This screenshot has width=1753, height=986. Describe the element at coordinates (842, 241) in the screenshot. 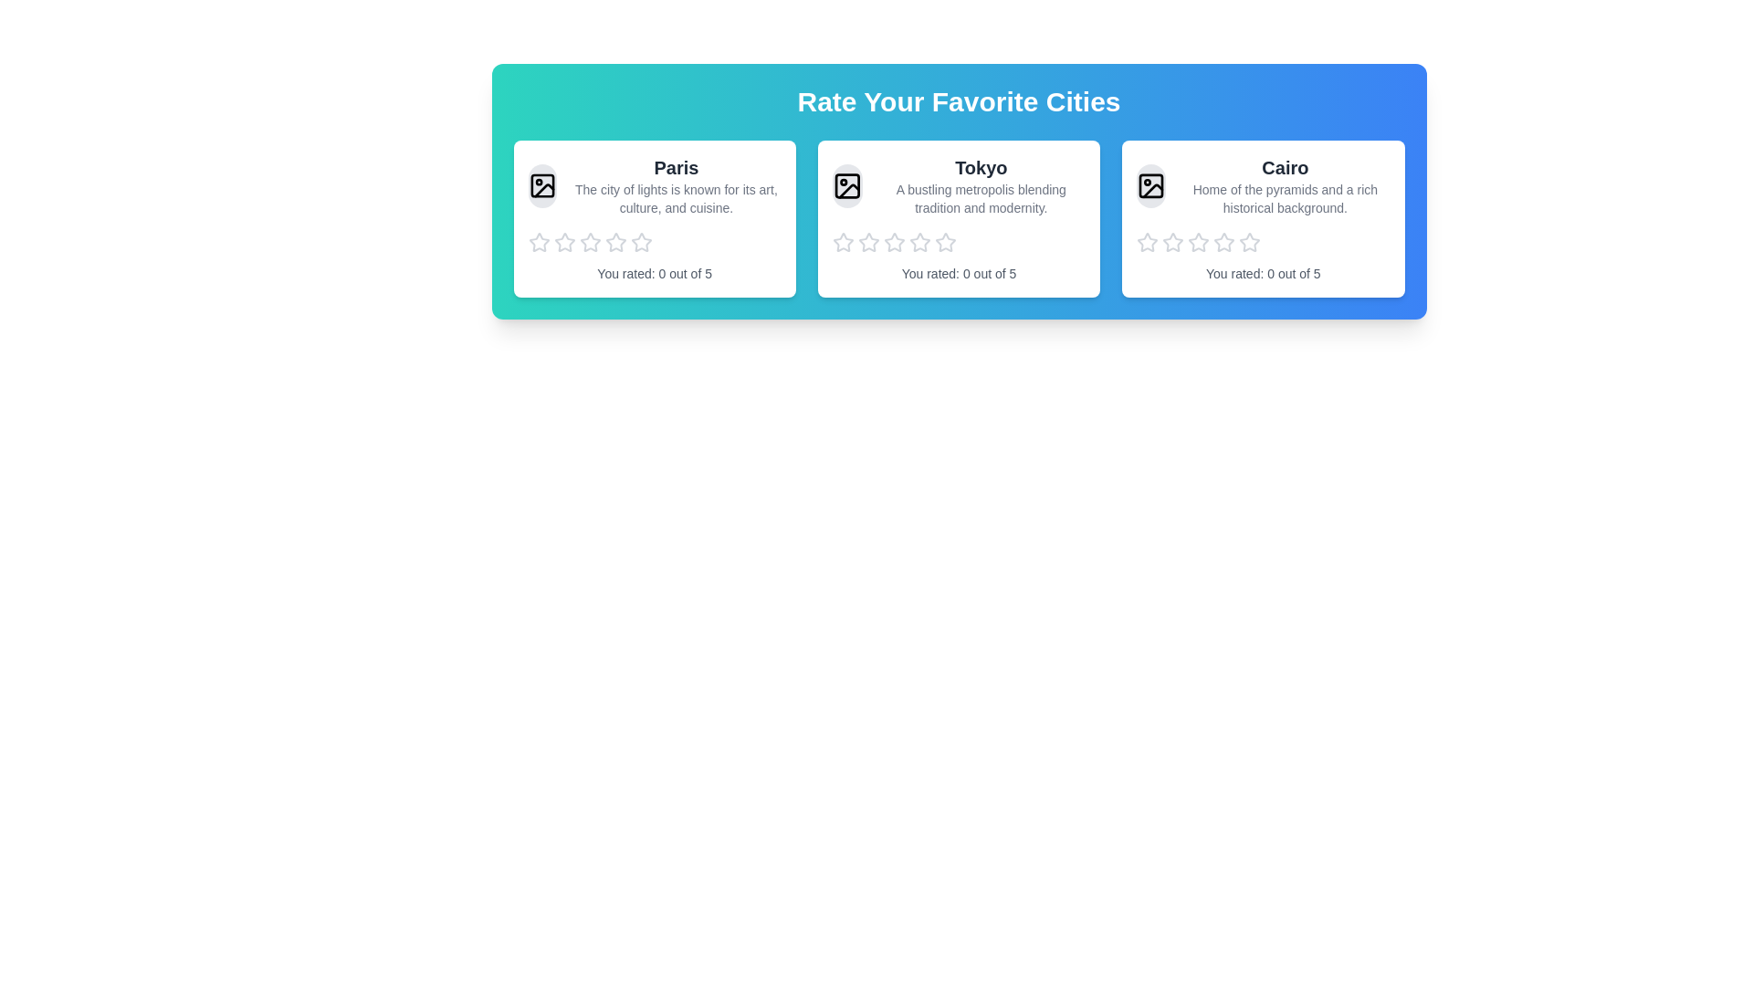

I see `the first star in the 5-star rating system under the 'Tokyo' city rating card` at that location.